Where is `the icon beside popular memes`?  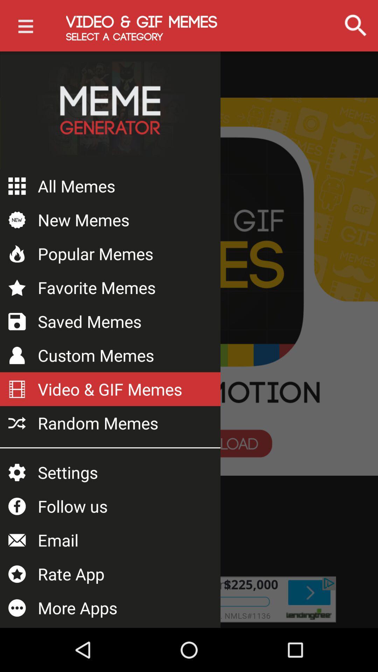 the icon beside popular memes is located at coordinates (17, 253).